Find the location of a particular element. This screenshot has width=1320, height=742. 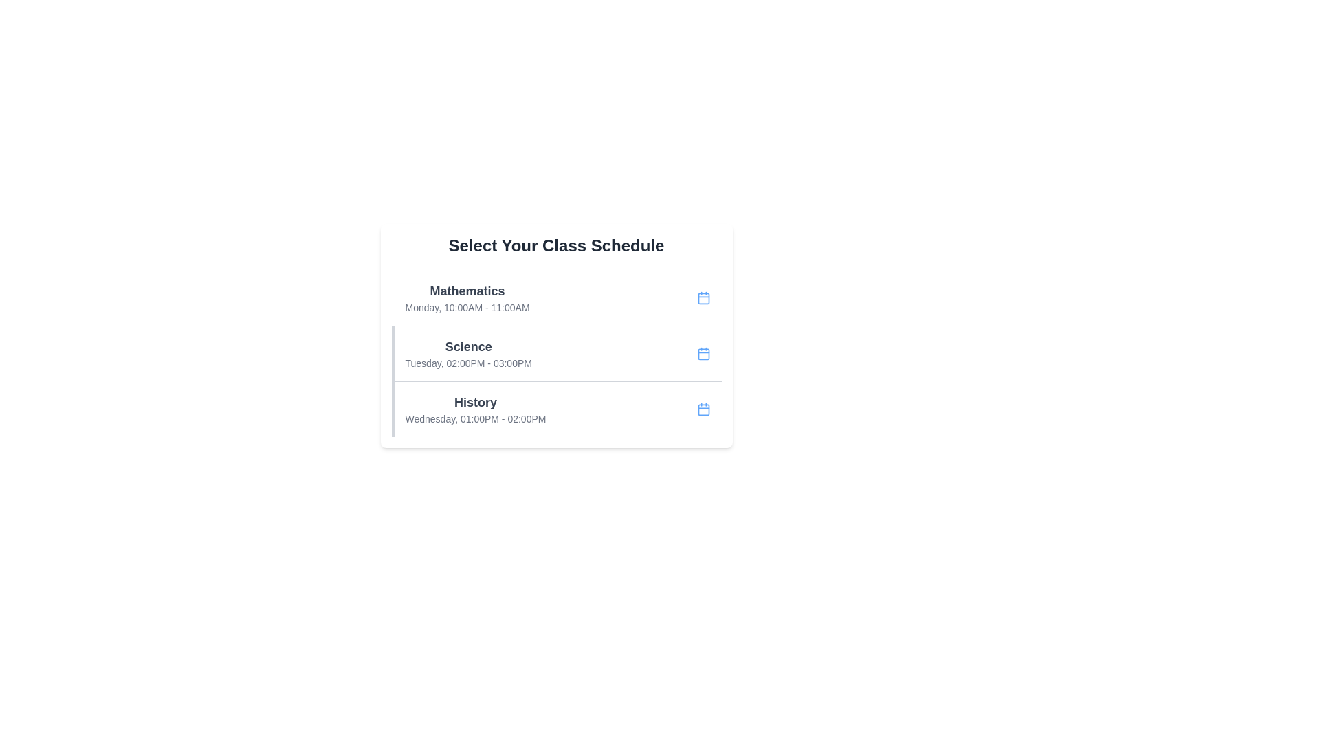

the text label displaying the scheduled time for the 'Science' class located below the 'Science' heading in the second section of the class schedule is located at coordinates (468, 362).